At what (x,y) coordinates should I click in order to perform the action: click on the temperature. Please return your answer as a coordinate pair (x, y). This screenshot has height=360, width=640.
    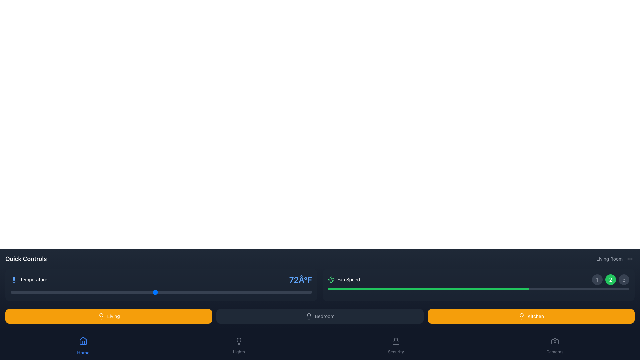
    Looking at the image, I should click on (203, 292).